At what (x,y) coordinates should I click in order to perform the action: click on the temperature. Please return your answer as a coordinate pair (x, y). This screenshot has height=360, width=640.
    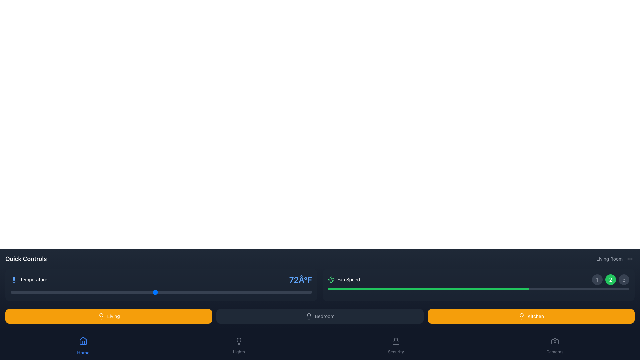
    Looking at the image, I should click on (203, 292).